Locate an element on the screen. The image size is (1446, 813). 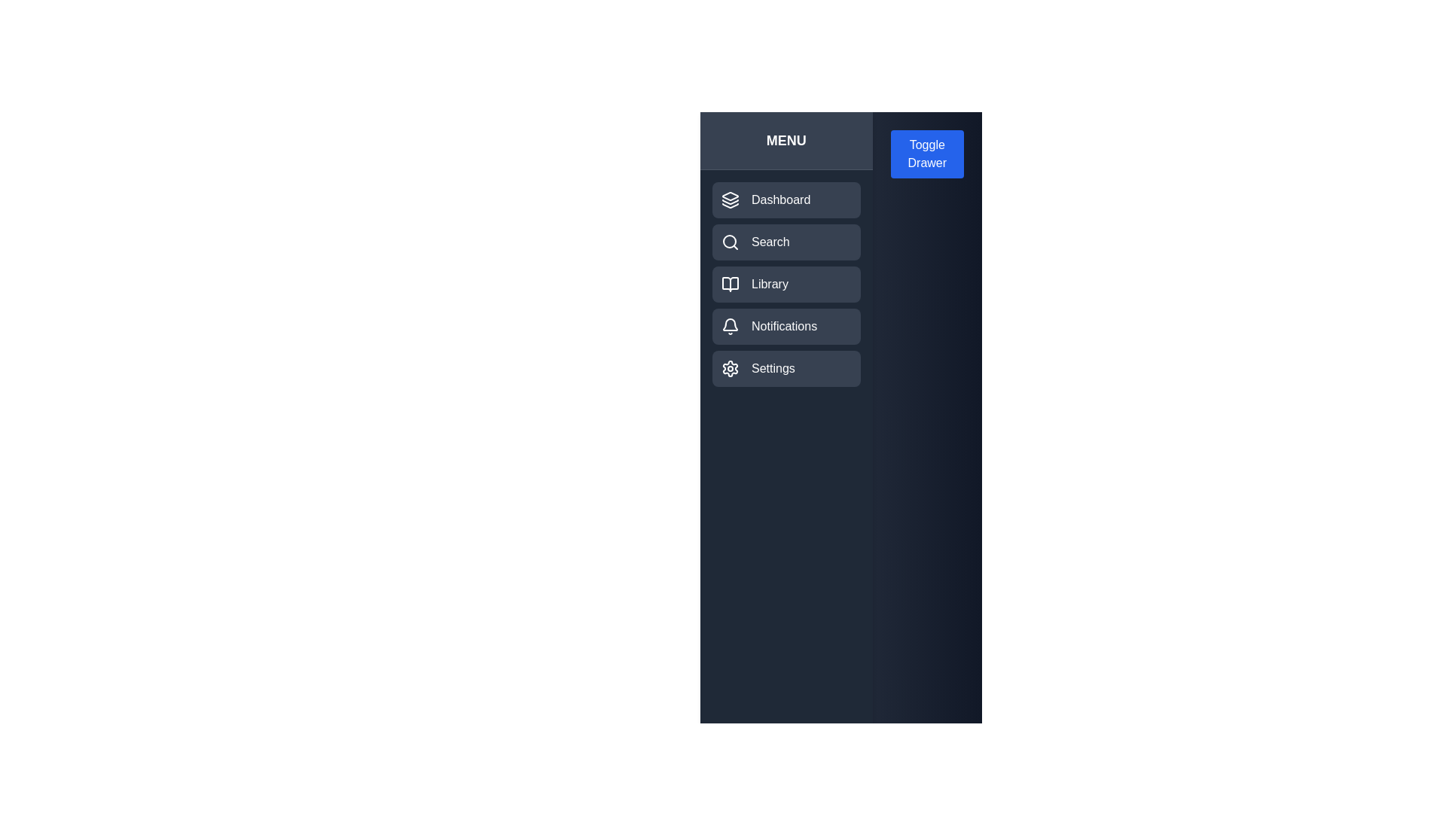
the menu item labeled 'Library' to observe its hover effect is located at coordinates (785, 285).